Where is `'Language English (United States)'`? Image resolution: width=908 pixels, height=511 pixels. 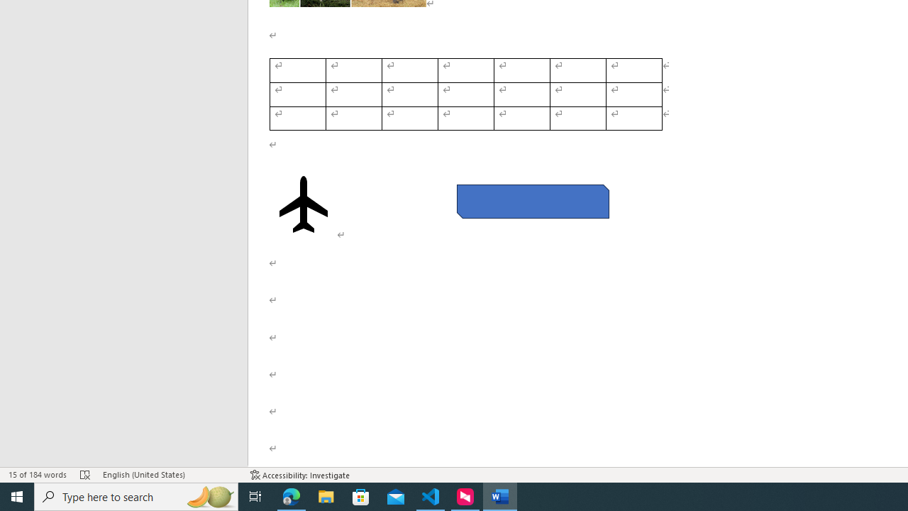 'Language English (United States)' is located at coordinates (170, 475).